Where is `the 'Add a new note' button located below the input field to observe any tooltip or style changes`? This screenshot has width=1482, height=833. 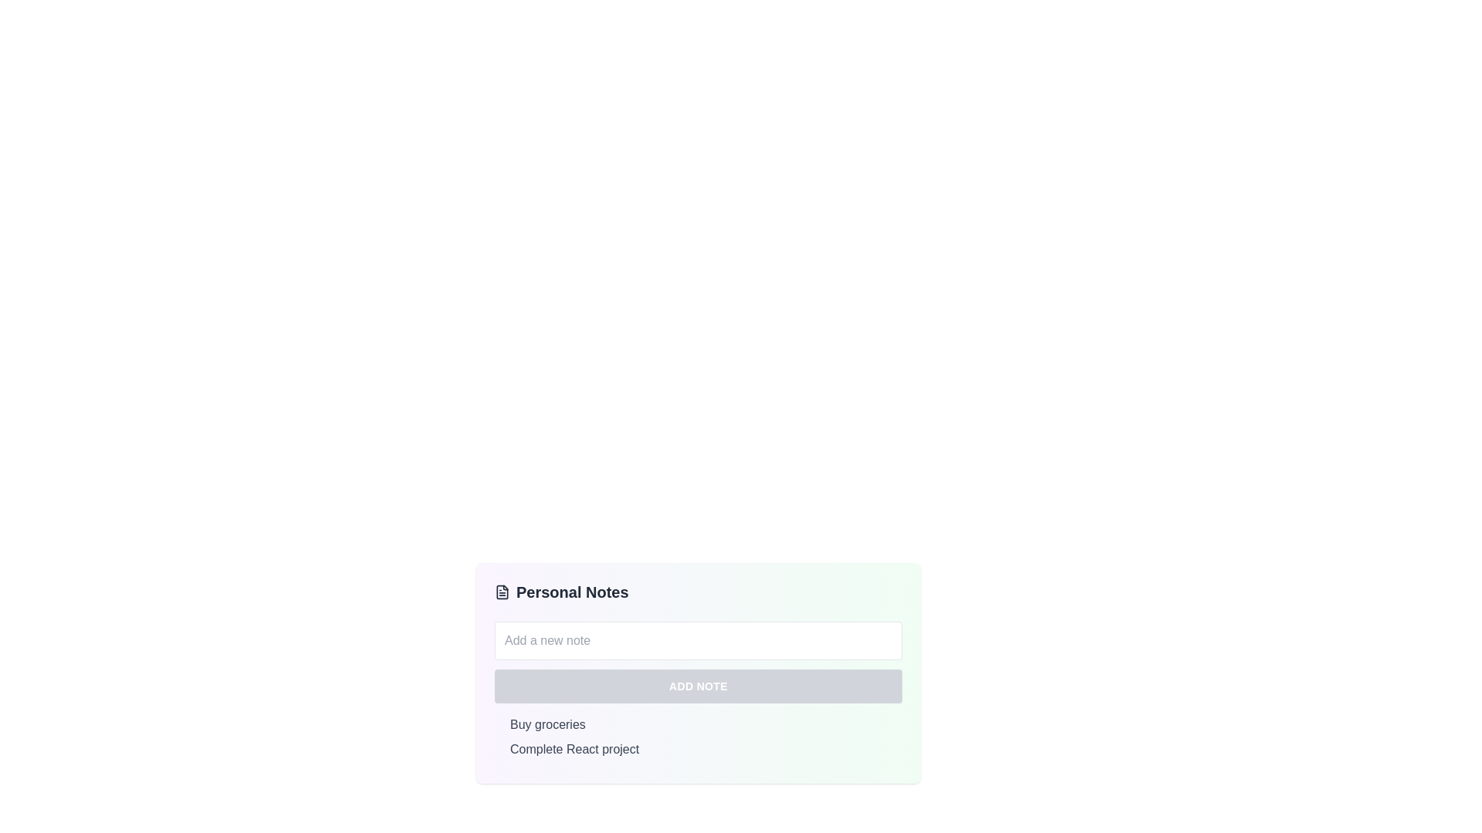
the 'Add a new note' button located below the input field to observe any tooltip or style changes is located at coordinates (698, 686).